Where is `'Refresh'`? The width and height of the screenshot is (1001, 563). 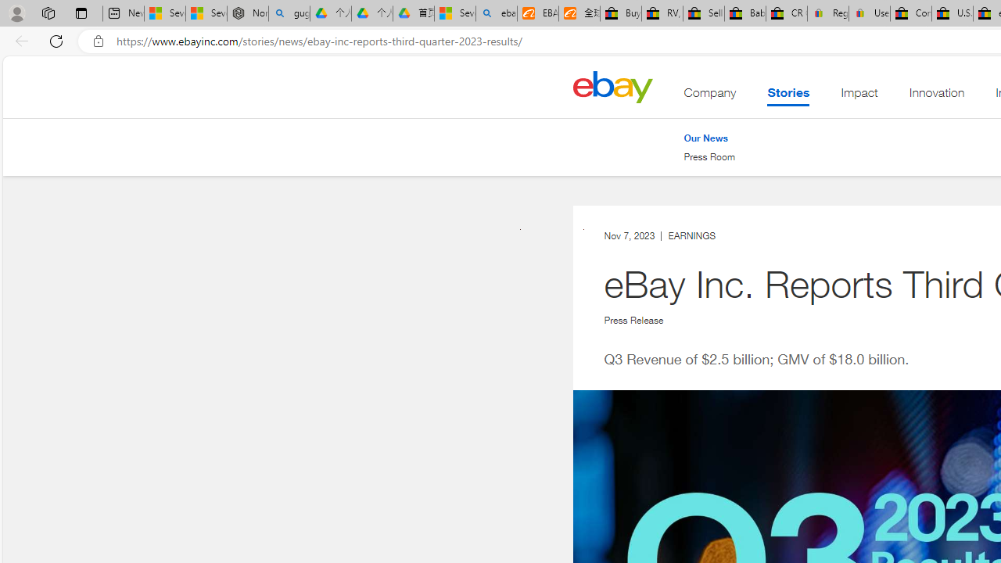 'Refresh' is located at coordinates (56, 40).